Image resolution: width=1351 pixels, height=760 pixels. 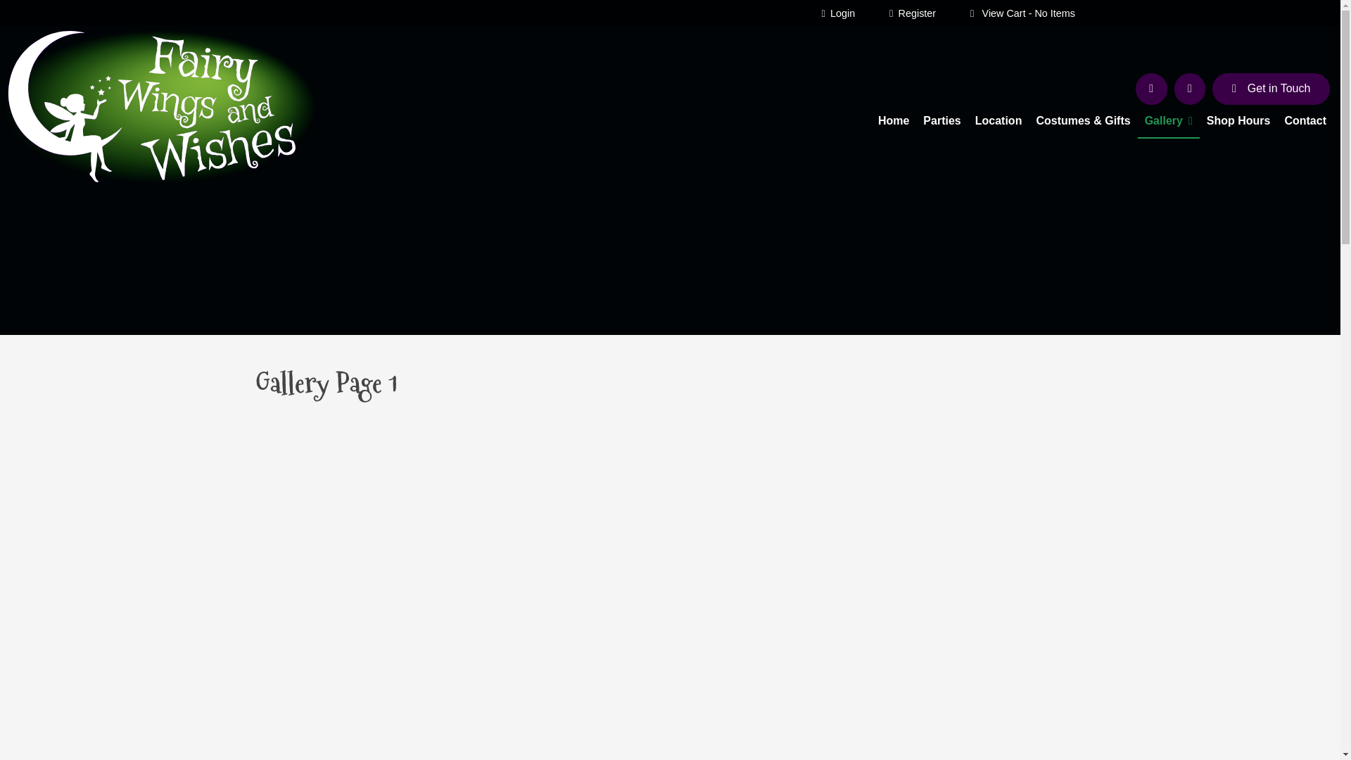 What do you see at coordinates (941, 121) in the screenshot?
I see `'Parties'` at bounding box center [941, 121].